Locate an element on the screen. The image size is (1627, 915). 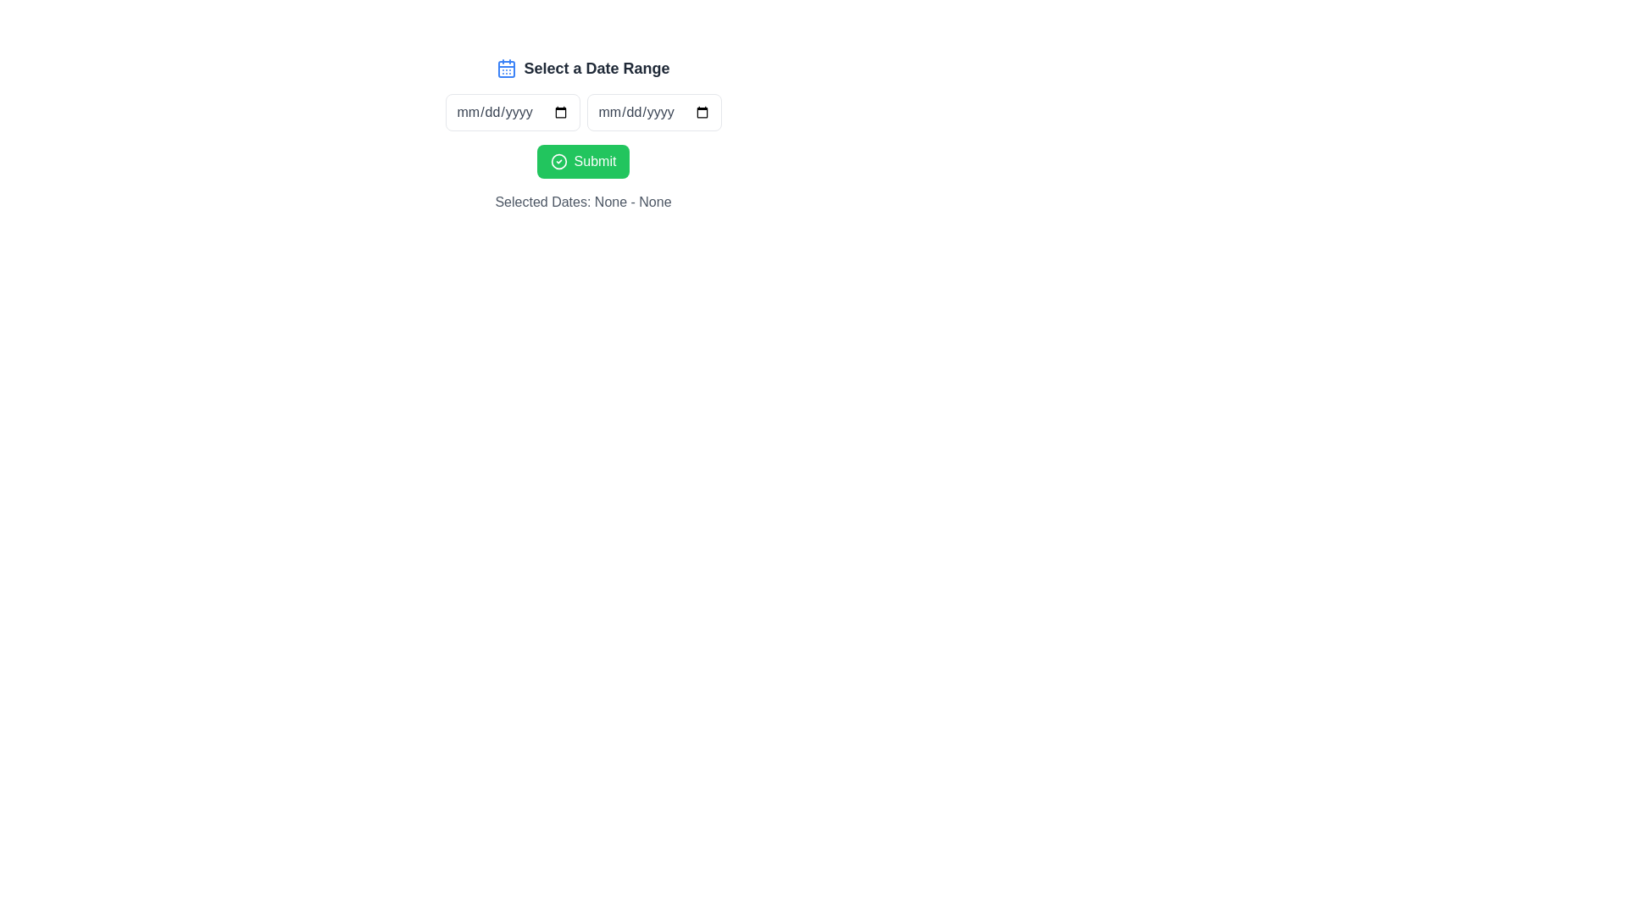
the non-interactive decorative icon element that represents a segment of the calendar icon, located towards the top left of the input interface is located at coordinates (506, 68).